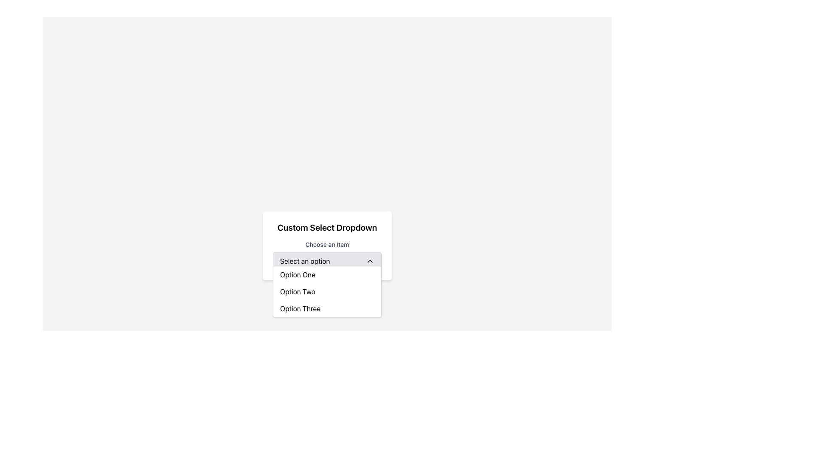  Describe the element at coordinates (298, 275) in the screenshot. I see `the 'Option One' text label in the dropdown menu` at that location.